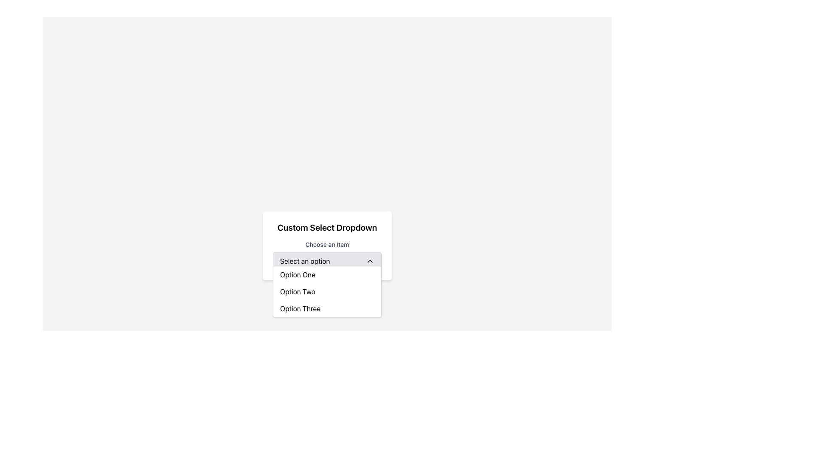  Describe the element at coordinates (298, 275) in the screenshot. I see `the 'Option One' text label in the dropdown menu` at that location.